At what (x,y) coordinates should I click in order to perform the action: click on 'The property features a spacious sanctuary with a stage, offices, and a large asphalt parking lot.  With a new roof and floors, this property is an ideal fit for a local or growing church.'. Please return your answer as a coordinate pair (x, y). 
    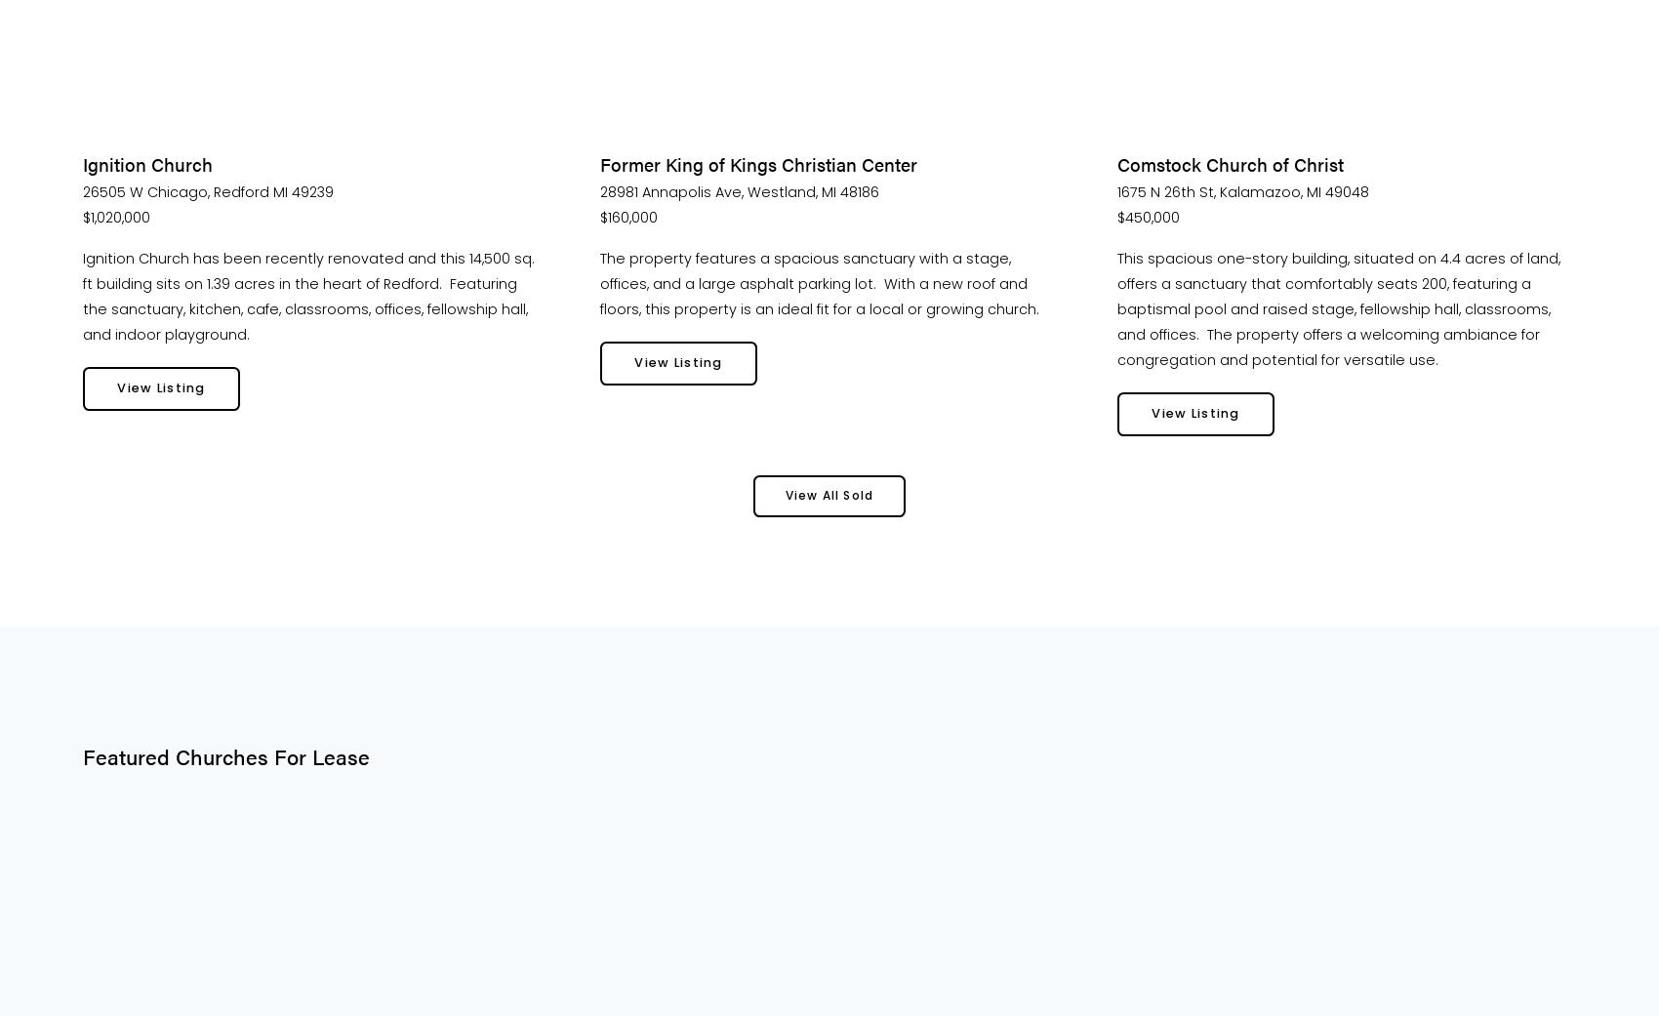
    Looking at the image, I should click on (818, 282).